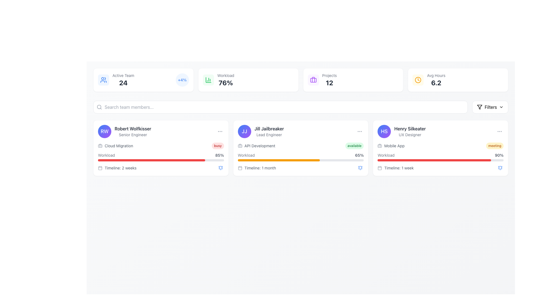 Image resolution: width=533 pixels, height=299 pixels. I want to click on the small gray calendar icon located in the first card under the 'Timeline: 2 weeks' text, so click(100, 167).